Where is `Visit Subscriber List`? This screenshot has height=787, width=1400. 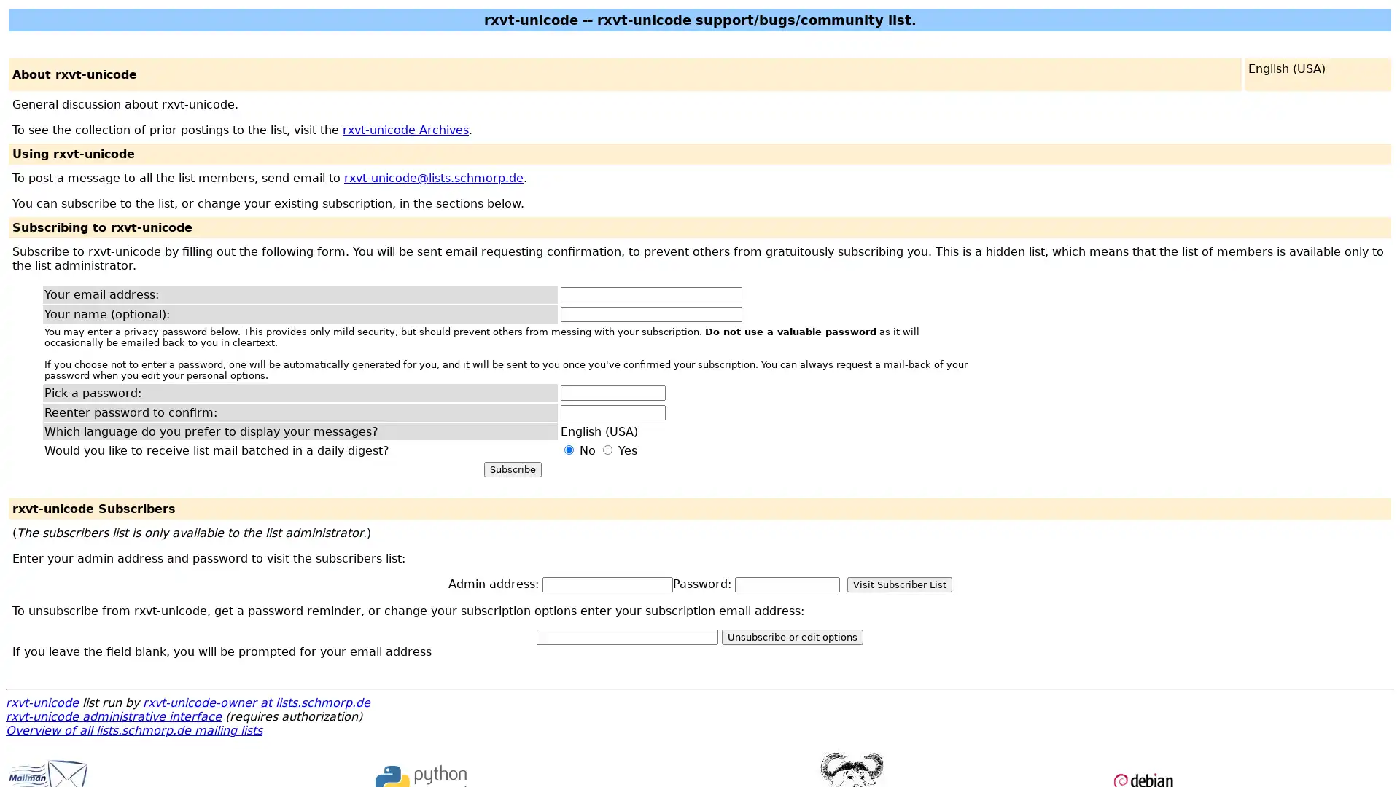 Visit Subscriber List is located at coordinates (898, 584).